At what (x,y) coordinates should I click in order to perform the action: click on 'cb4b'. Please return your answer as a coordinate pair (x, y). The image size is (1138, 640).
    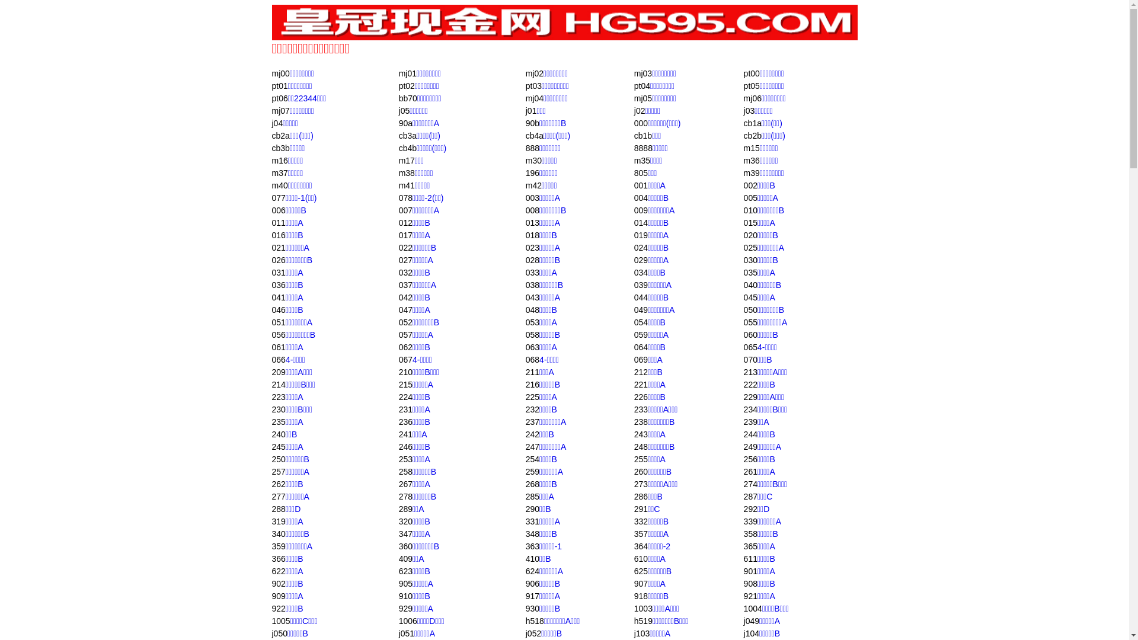
    Looking at the image, I should click on (407, 148).